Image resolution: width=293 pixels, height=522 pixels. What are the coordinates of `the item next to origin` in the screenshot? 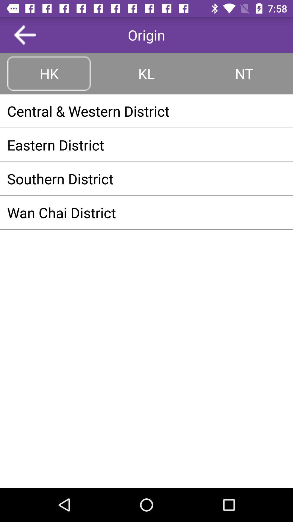 It's located at (25, 35).